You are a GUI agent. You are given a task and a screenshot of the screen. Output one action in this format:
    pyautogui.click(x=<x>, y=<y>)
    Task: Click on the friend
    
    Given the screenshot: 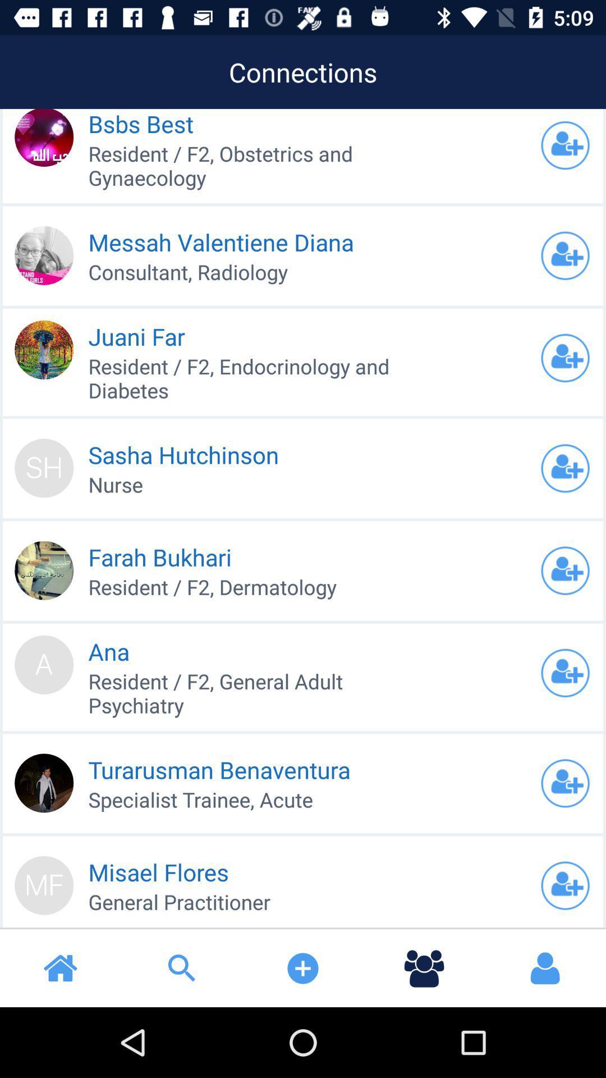 What is the action you would take?
    pyautogui.click(x=565, y=885)
    